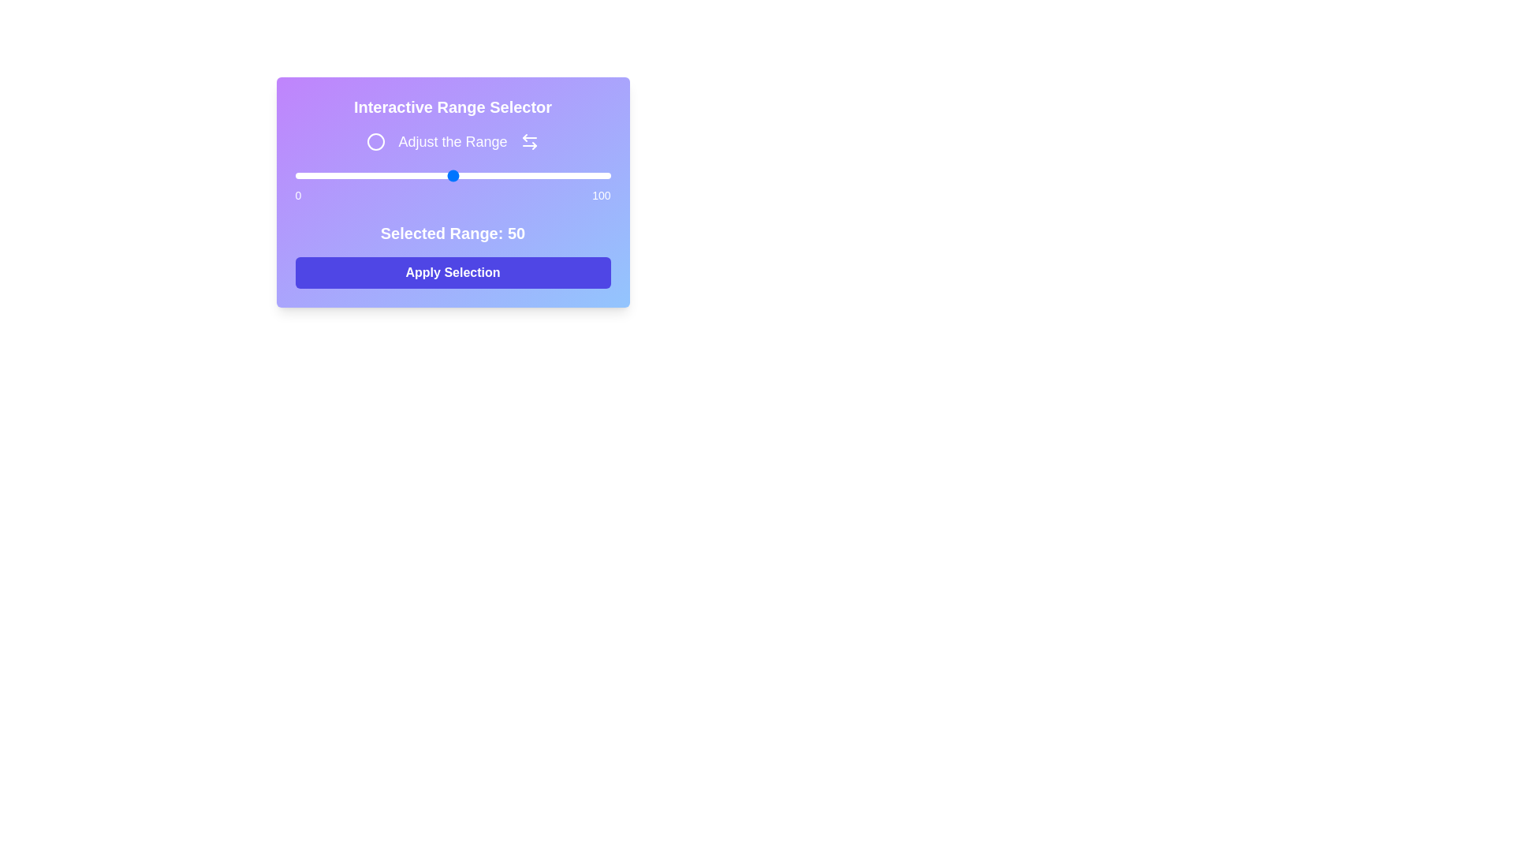 Image resolution: width=1514 pixels, height=852 pixels. I want to click on the slider to set the range to 28, so click(383, 176).